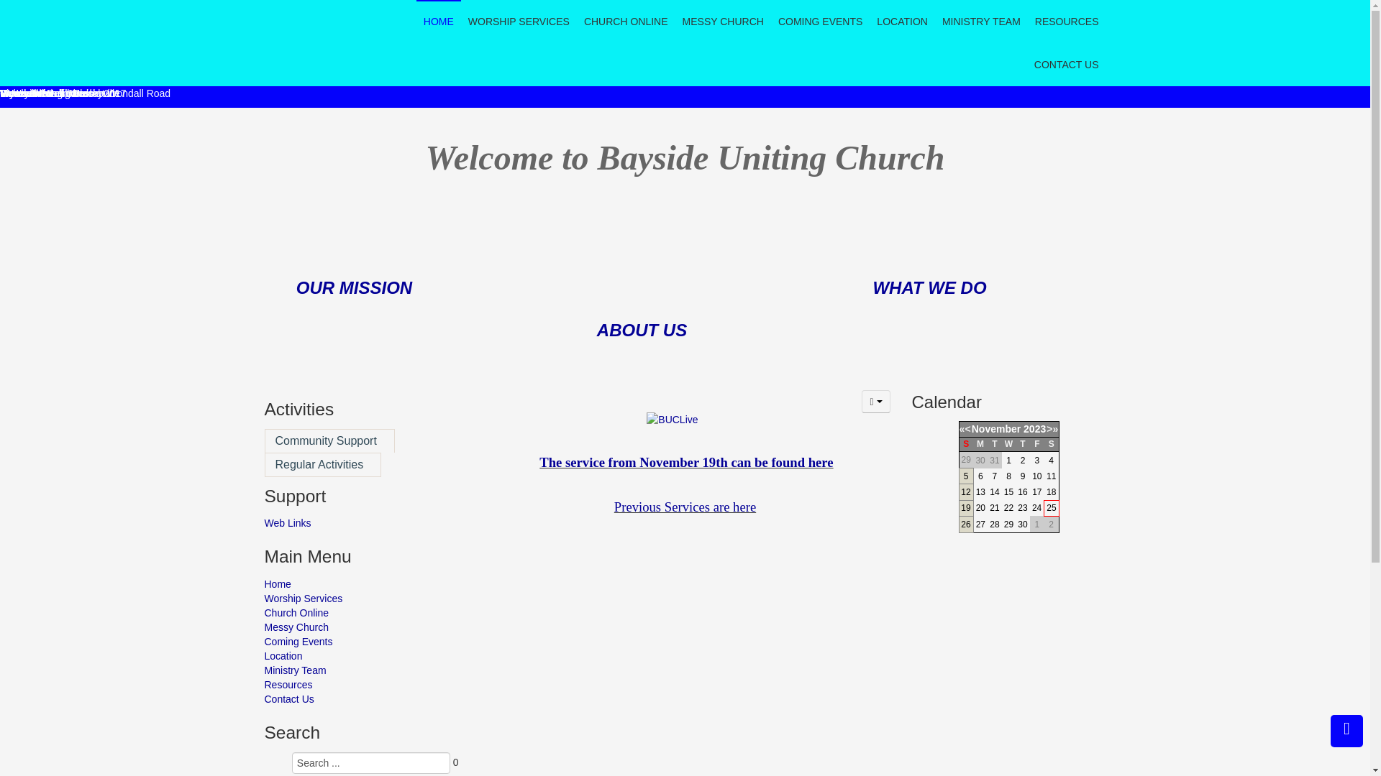 This screenshot has height=776, width=1381. I want to click on '9', so click(1022, 476).